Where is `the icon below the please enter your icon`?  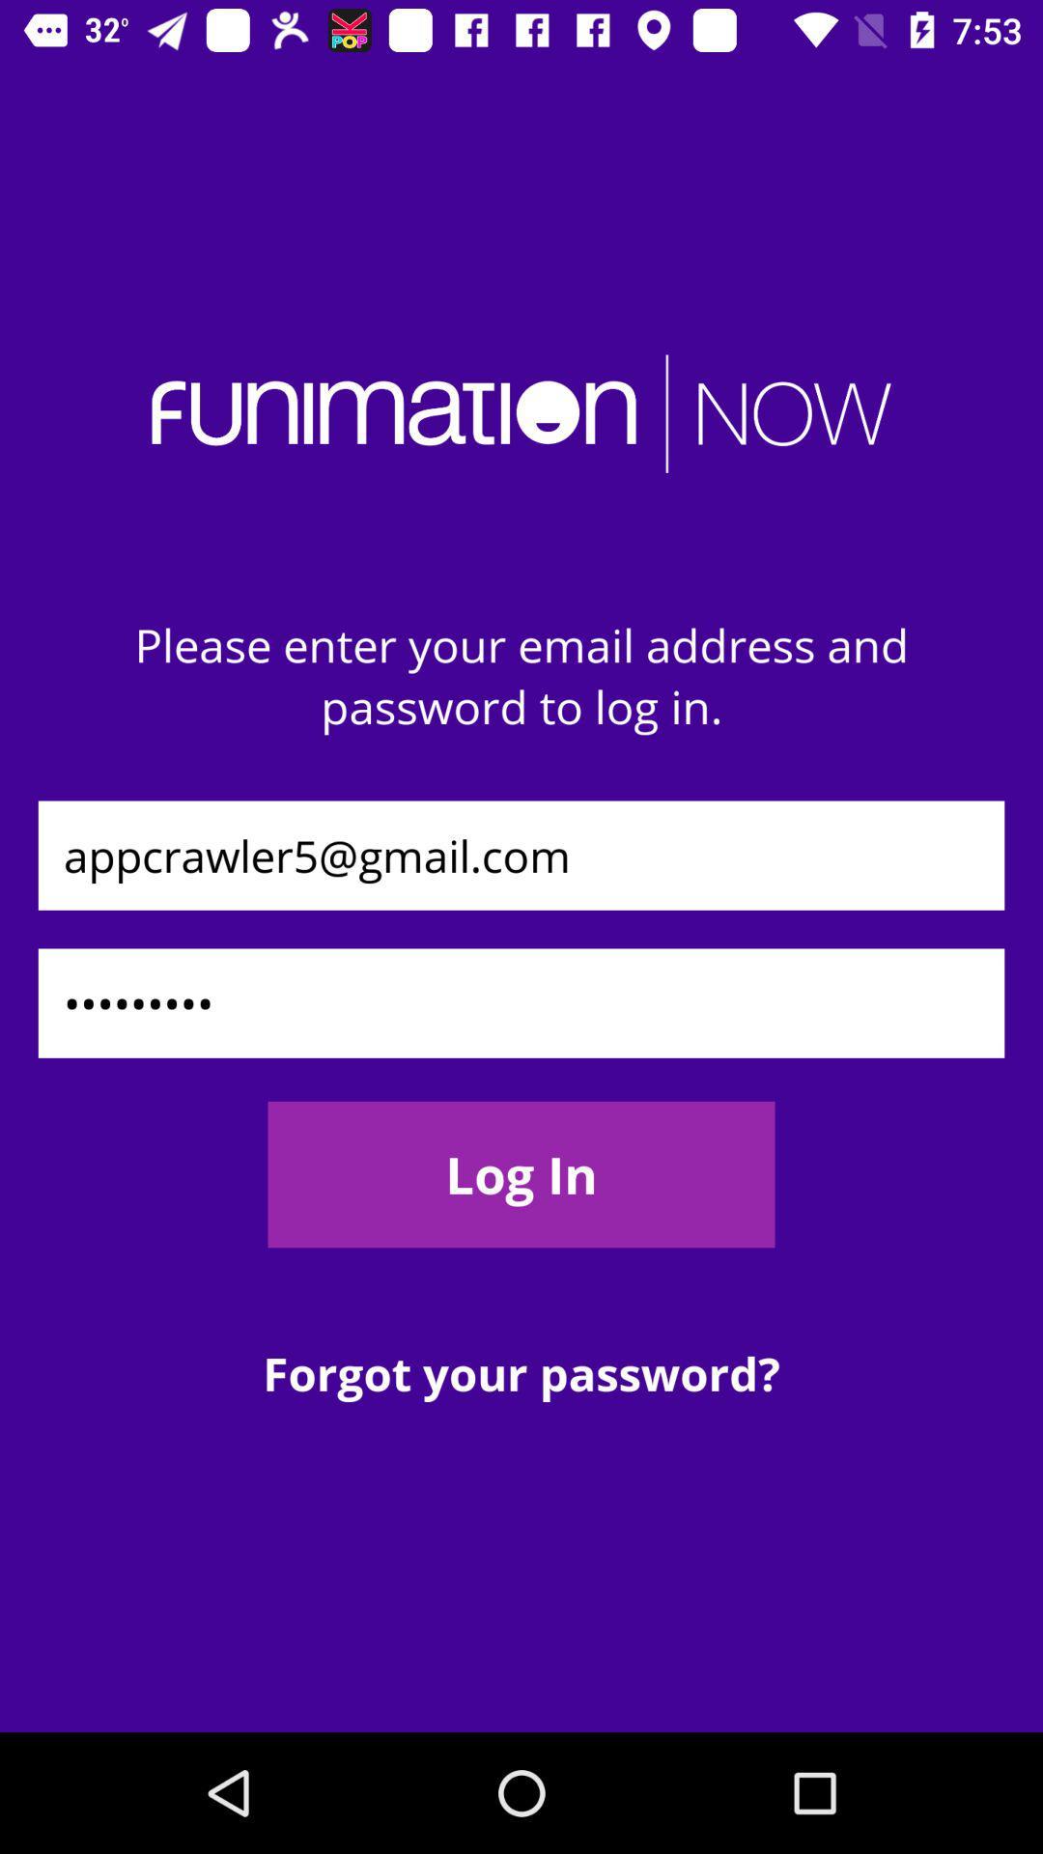 the icon below the please enter your icon is located at coordinates (521, 855).